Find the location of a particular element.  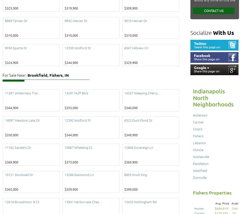

'Cicero' is located at coordinates (197, 129).